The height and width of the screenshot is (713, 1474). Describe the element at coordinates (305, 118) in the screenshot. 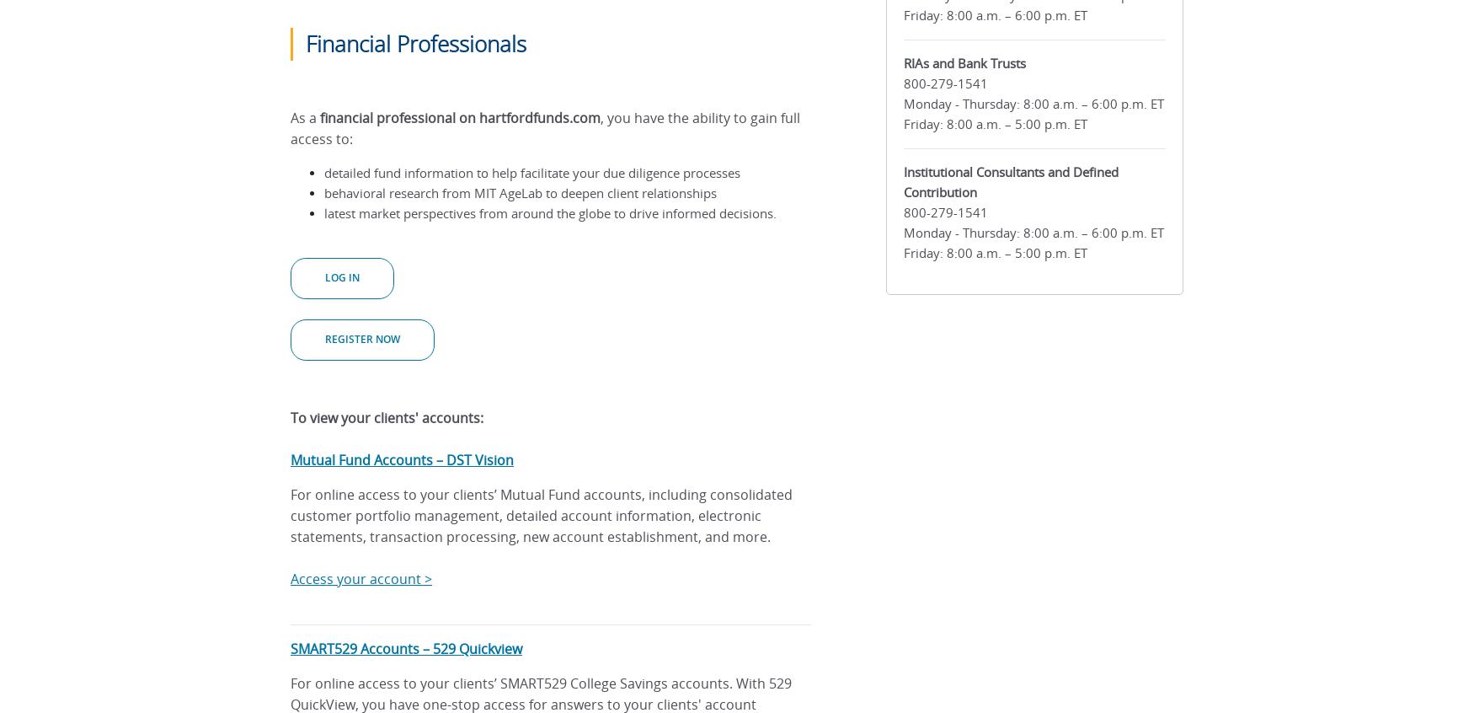

I see `'As a'` at that location.